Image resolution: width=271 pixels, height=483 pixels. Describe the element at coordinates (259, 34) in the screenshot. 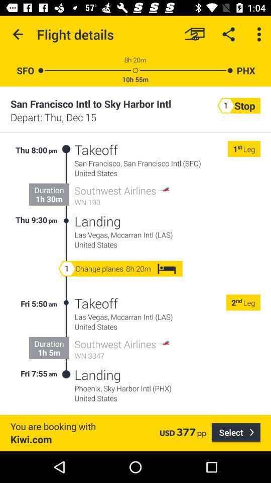

I see `the icon above the phx item` at that location.